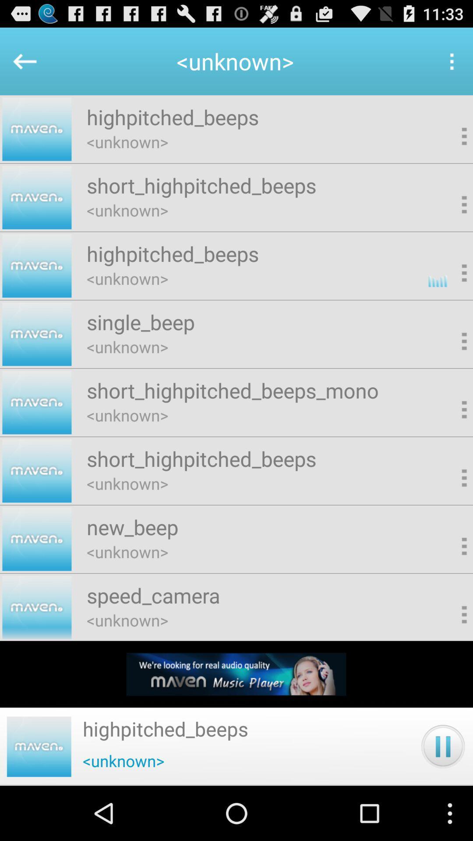 The width and height of the screenshot is (473, 841). Describe the element at coordinates (450, 366) in the screenshot. I see `the more icon` at that location.